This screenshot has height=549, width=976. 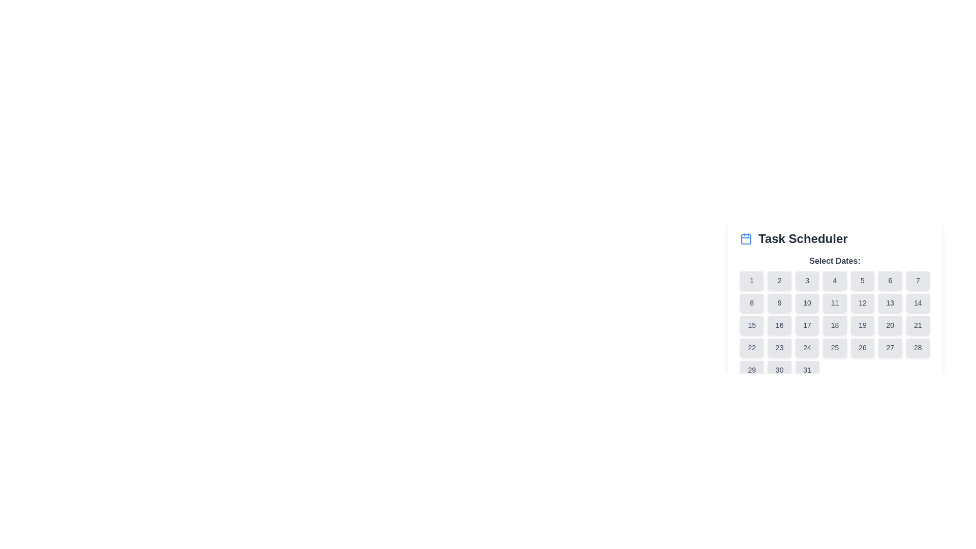 What do you see at coordinates (835, 325) in the screenshot?
I see `the Interactive calendar day button for the day numbered '18' located in the fourth row and fourth column of the calendar grid under 'Task Scheduler'` at bounding box center [835, 325].